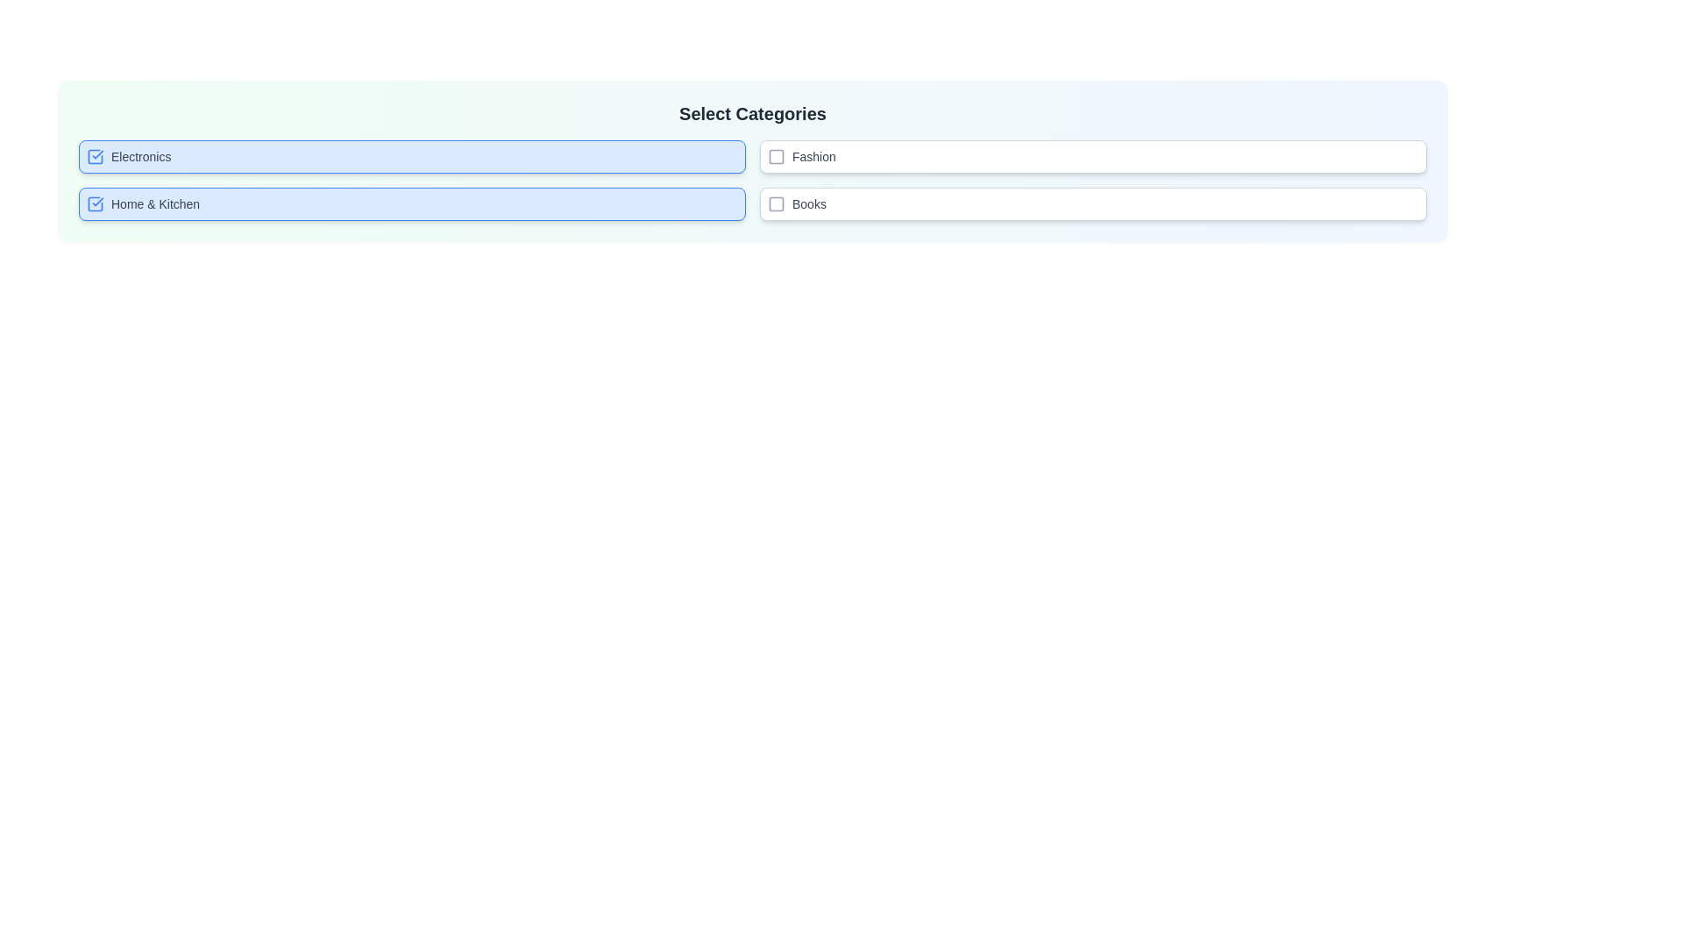 The width and height of the screenshot is (1683, 947). Describe the element at coordinates (776, 155) in the screenshot. I see `the category indicator icon for 'Fashion'` at that location.